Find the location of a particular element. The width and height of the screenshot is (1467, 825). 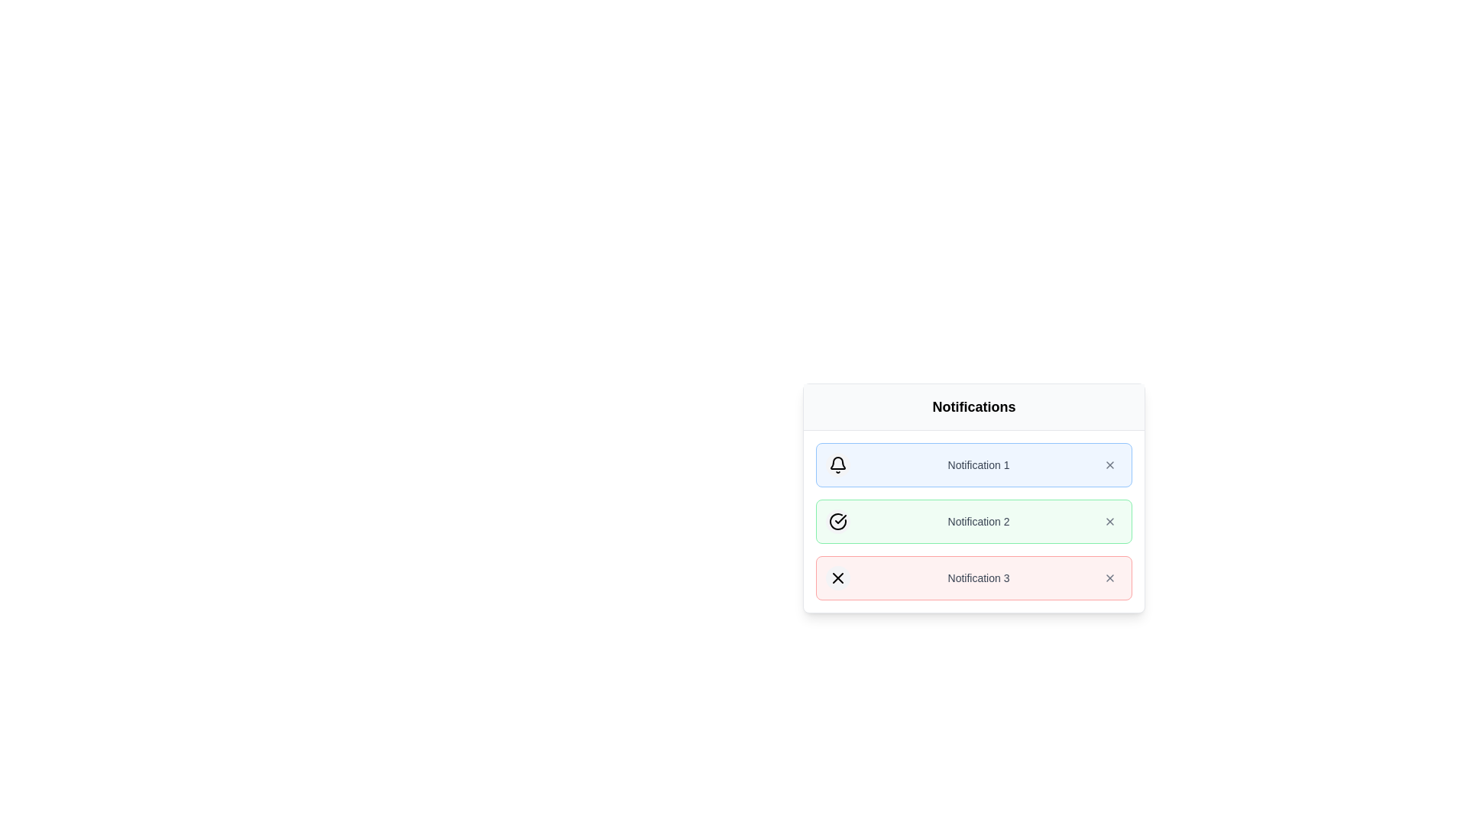

the close icon in the notification box labeled 'Notification 1' is located at coordinates (1110, 464).